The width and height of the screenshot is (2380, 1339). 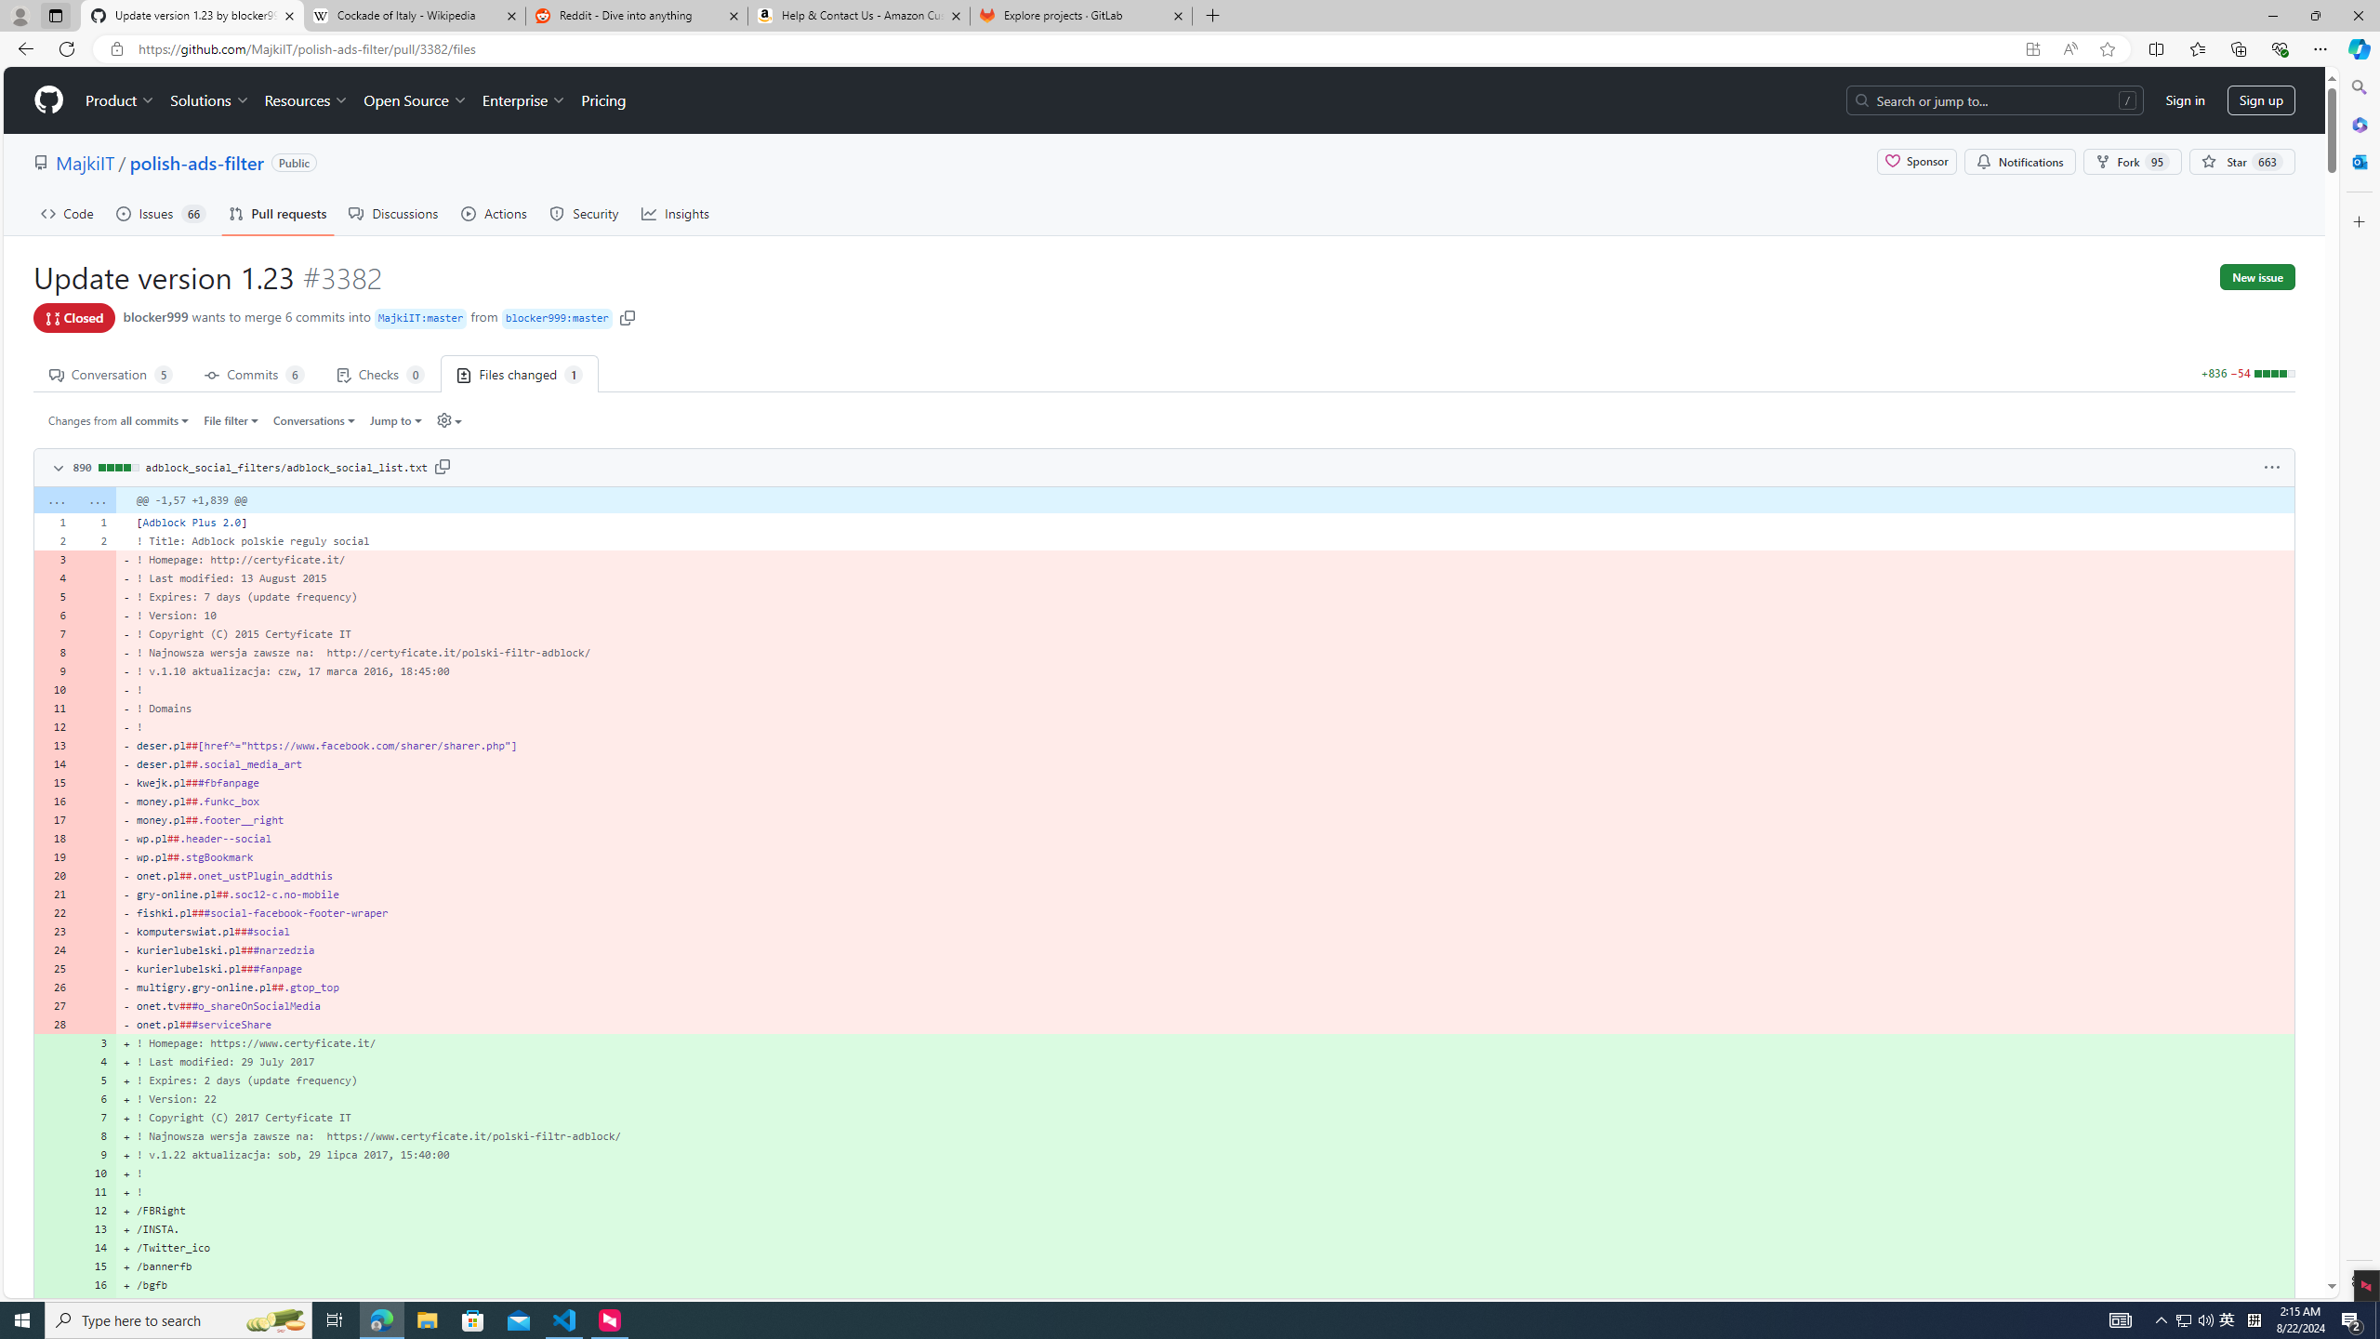 I want to click on 'Fork 95', so click(x=2131, y=161).